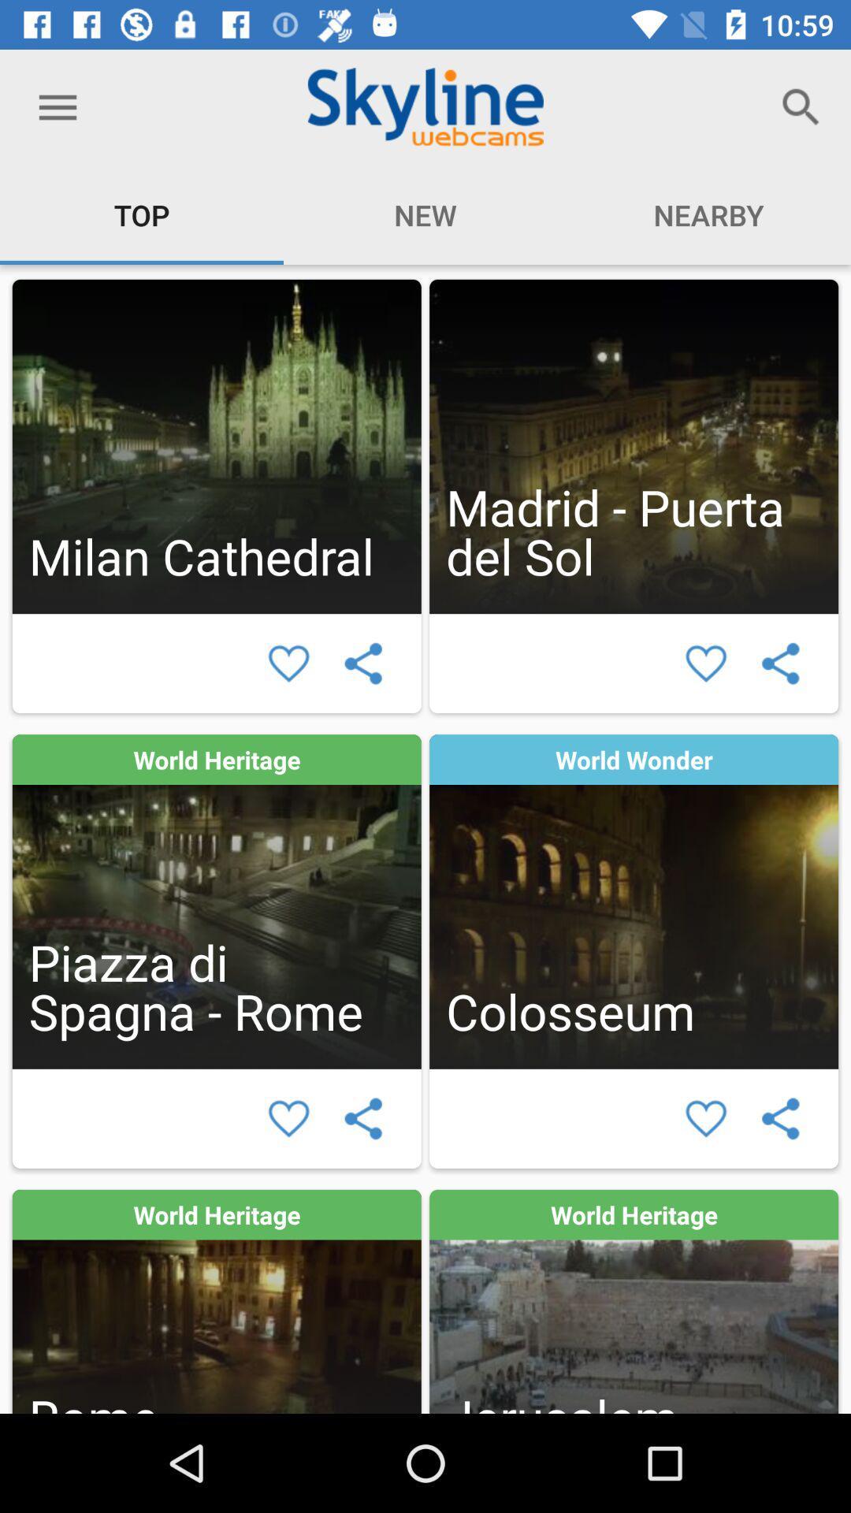 This screenshot has height=1513, width=851. Describe the element at coordinates (57, 106) in the screenshot. I see `the item above the top item` at that location.